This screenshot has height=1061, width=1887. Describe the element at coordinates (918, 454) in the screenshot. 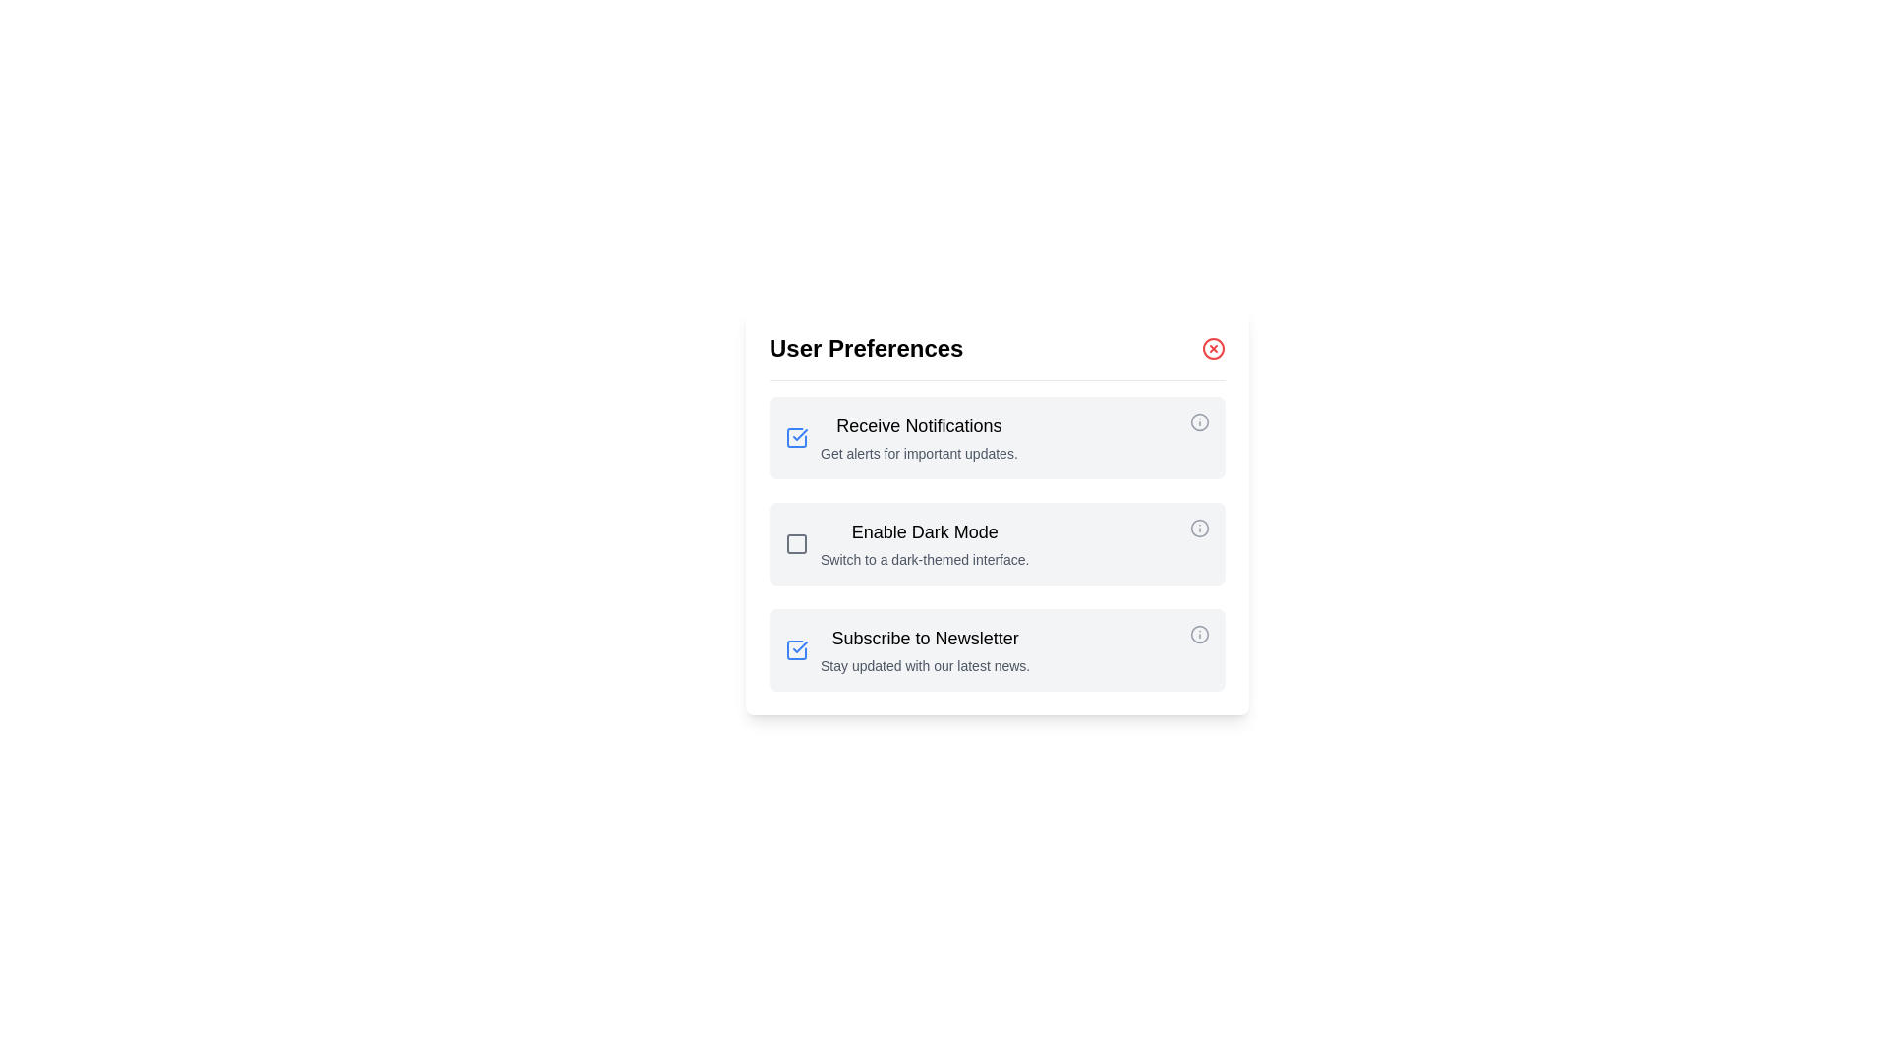

I see `the static informational text label that describes the purpose of the 'Receive Notifications' option in the user preferences section` at that location.